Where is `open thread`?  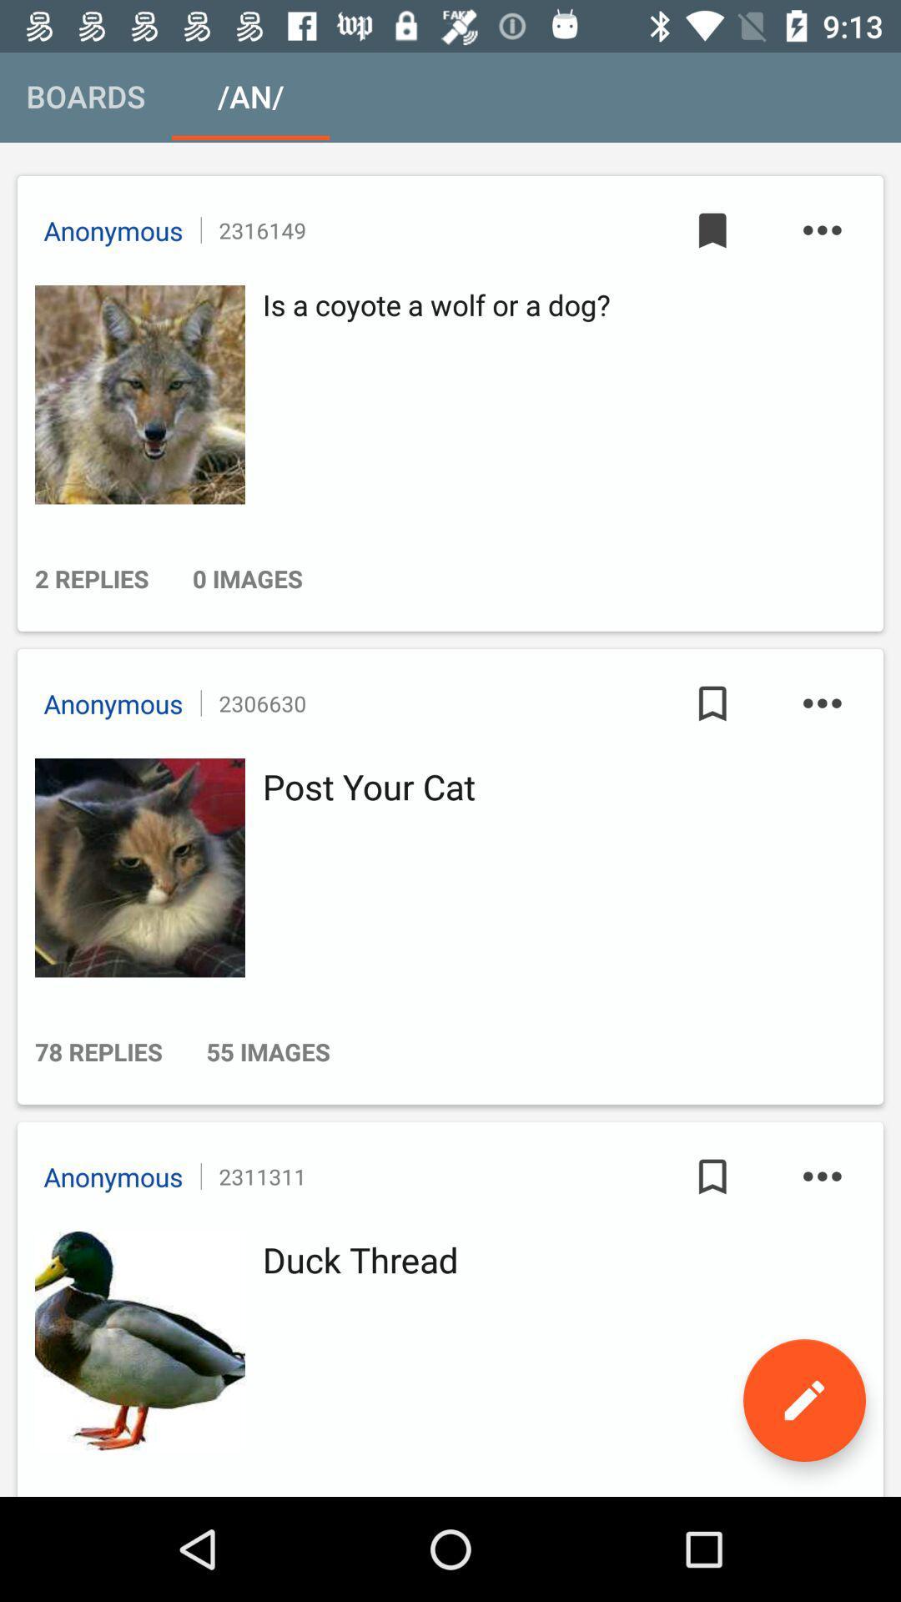 open thread is located at coordinates (134, 1341).